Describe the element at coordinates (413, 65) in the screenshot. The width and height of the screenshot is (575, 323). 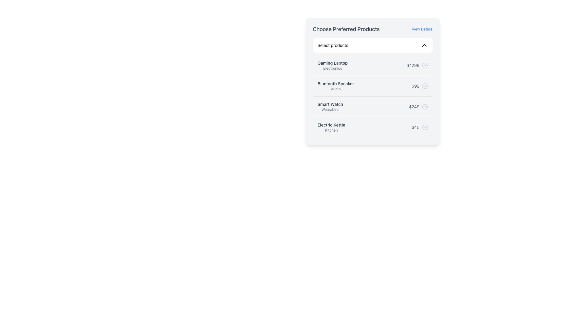
I see `price information displayed in the text label for the product 'Gaming Laptop', which is located to the right of the product name and above an icon` at that location.